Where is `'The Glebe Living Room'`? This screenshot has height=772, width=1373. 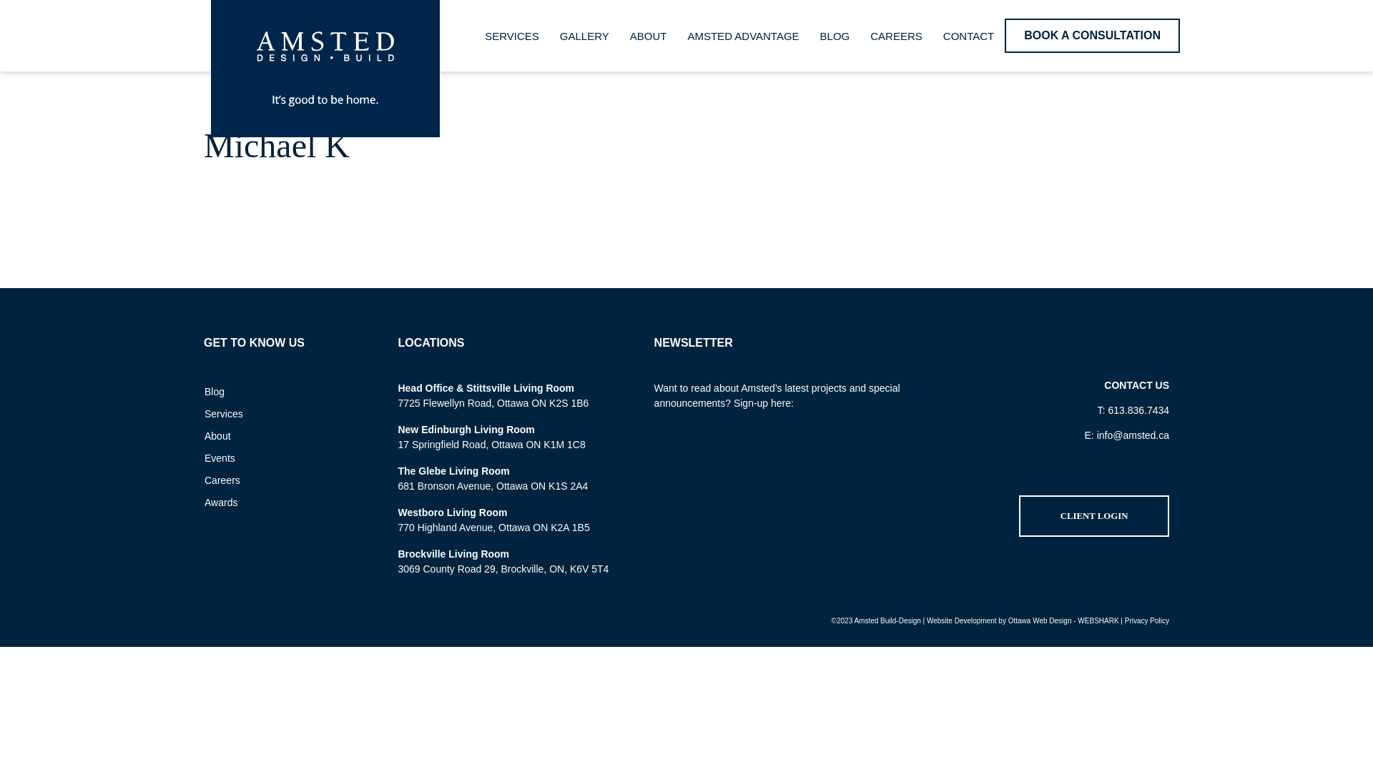 'The Glebe Living Room' is located at coordinates (452, 471).